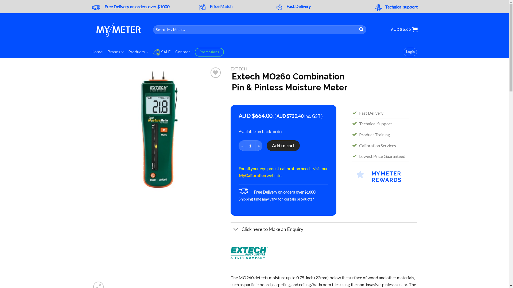  Describe the element at coordinates (283, 146) in the screenshot. I see `'Add to cart'` at that location.